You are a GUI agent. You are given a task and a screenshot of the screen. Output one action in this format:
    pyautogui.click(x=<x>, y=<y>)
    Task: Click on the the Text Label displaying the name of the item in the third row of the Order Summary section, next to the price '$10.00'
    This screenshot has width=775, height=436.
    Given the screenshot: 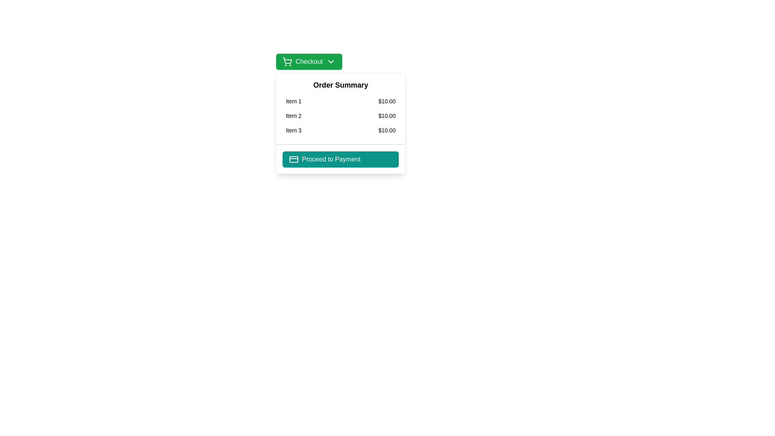 What is the action you would take?
    pyautogui.click(x=293, y=130)
    